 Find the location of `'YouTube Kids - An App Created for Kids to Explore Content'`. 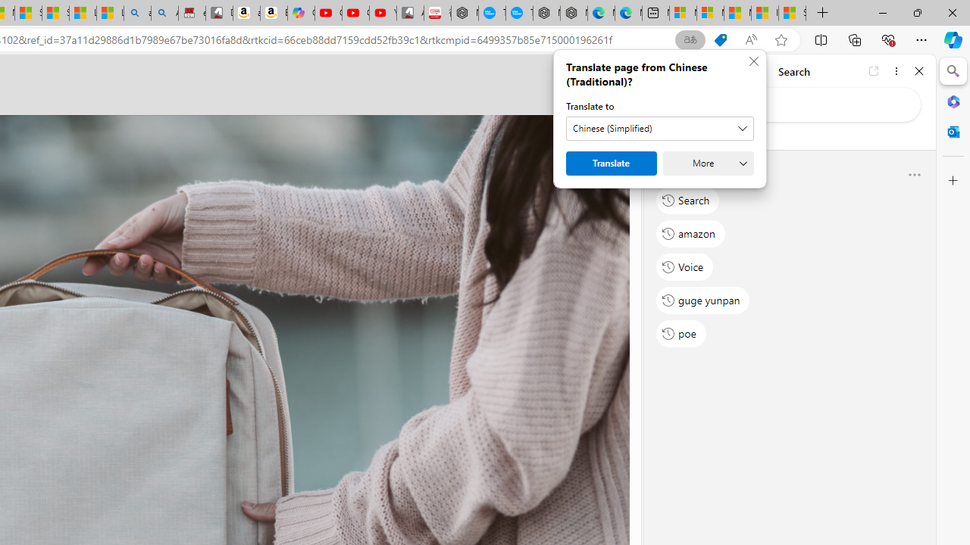

'YouTube Kids - An App Created for Kids to Explore Content' is located at coordinates (383, 13).